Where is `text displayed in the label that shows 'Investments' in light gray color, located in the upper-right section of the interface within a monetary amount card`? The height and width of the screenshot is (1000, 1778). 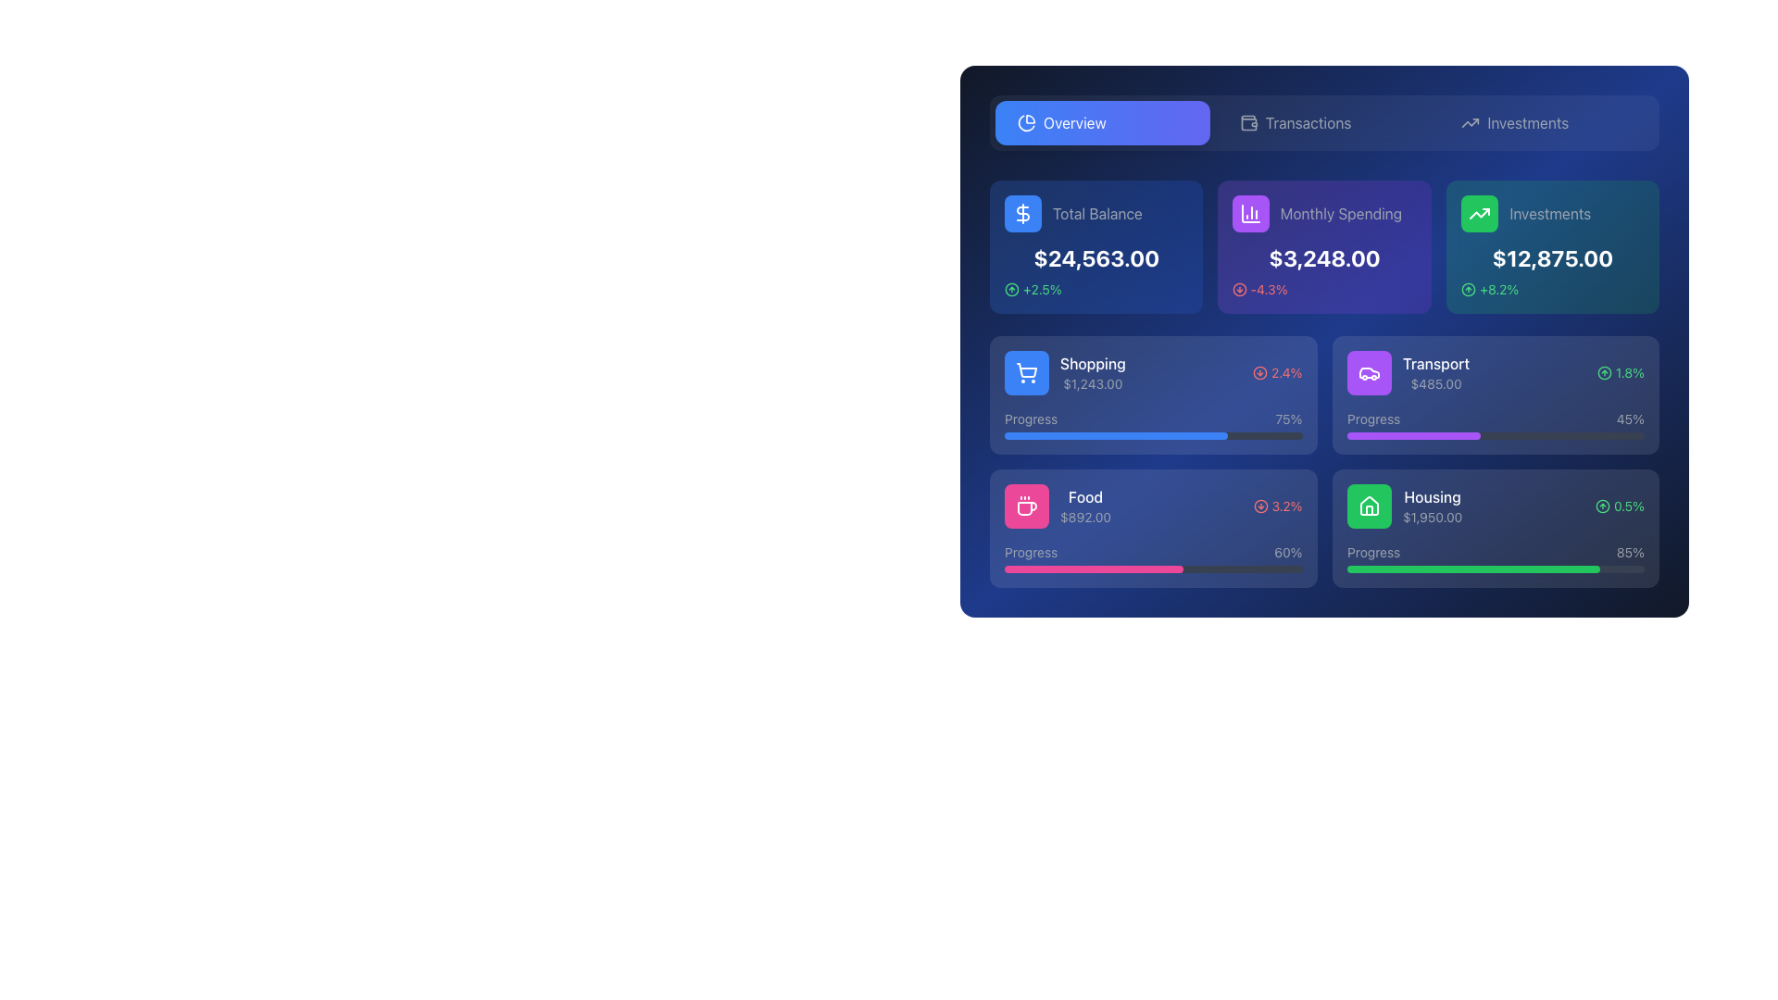 text displayed in the label that shows 'Investments' in light gray color, located in the upper-right section of the interface within a monetary amount card is located at coordinates (1549, 213).